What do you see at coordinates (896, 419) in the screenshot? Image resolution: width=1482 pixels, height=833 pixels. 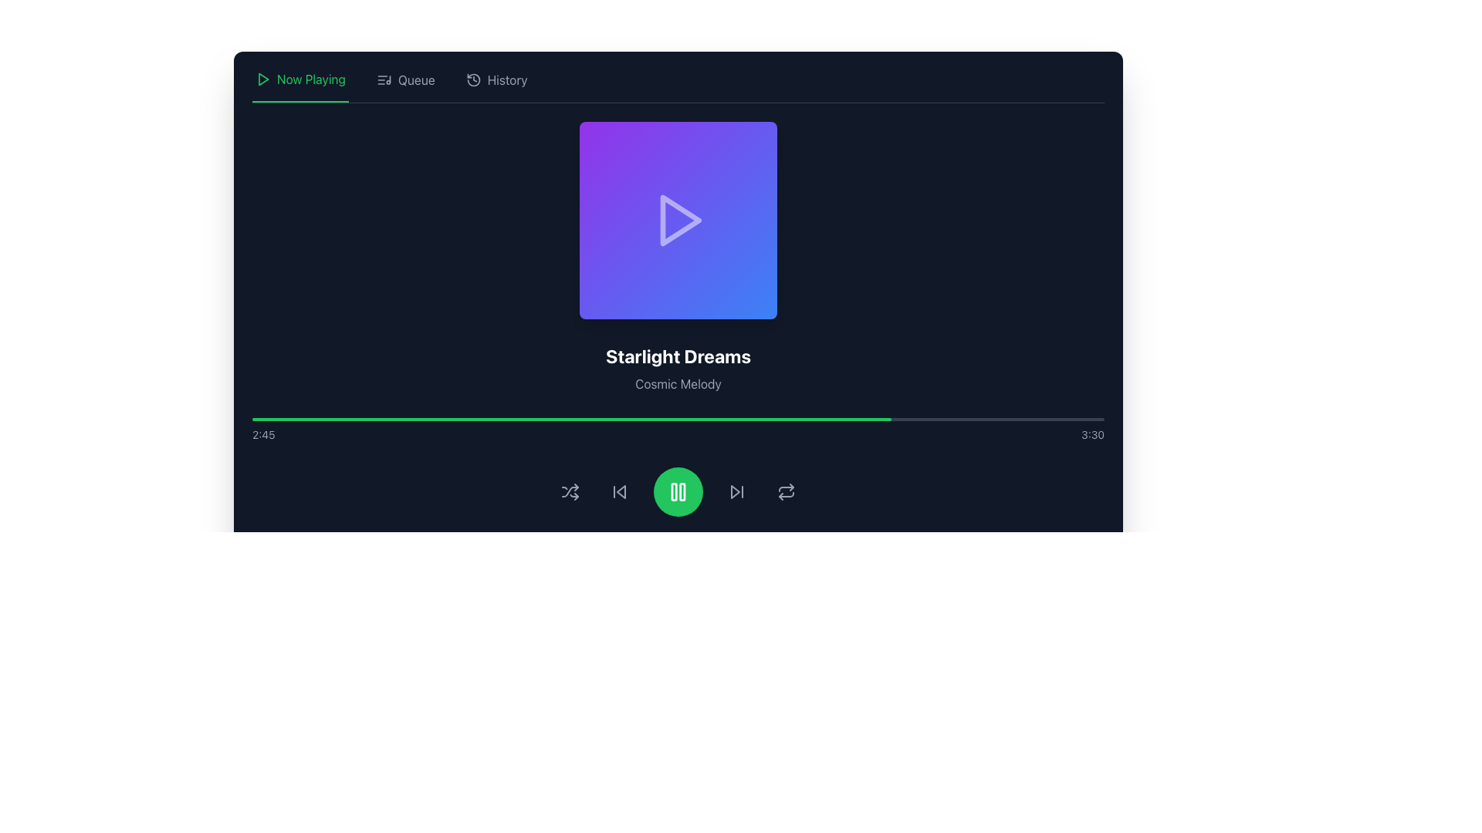 I see `playback position` at bounding box center [896, 419].